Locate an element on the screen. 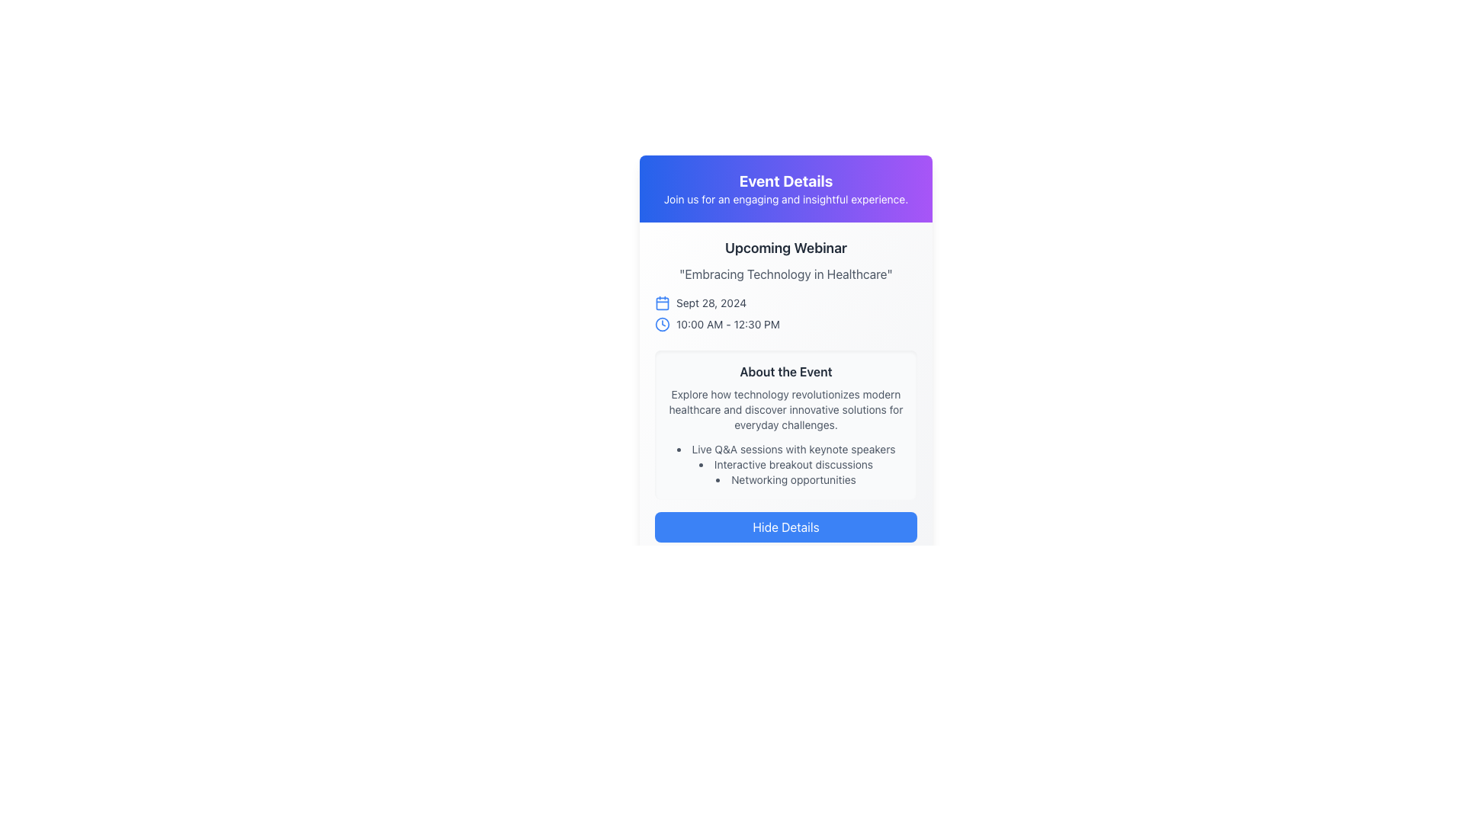 This screenshot has width=1464, height=823. the circular SVG shape with a blue border that serves as the outer rim of the clock icon, located on the left side of the event's time details row beneath 'Upcoming Webinar' is located at coordinates (662, 323).